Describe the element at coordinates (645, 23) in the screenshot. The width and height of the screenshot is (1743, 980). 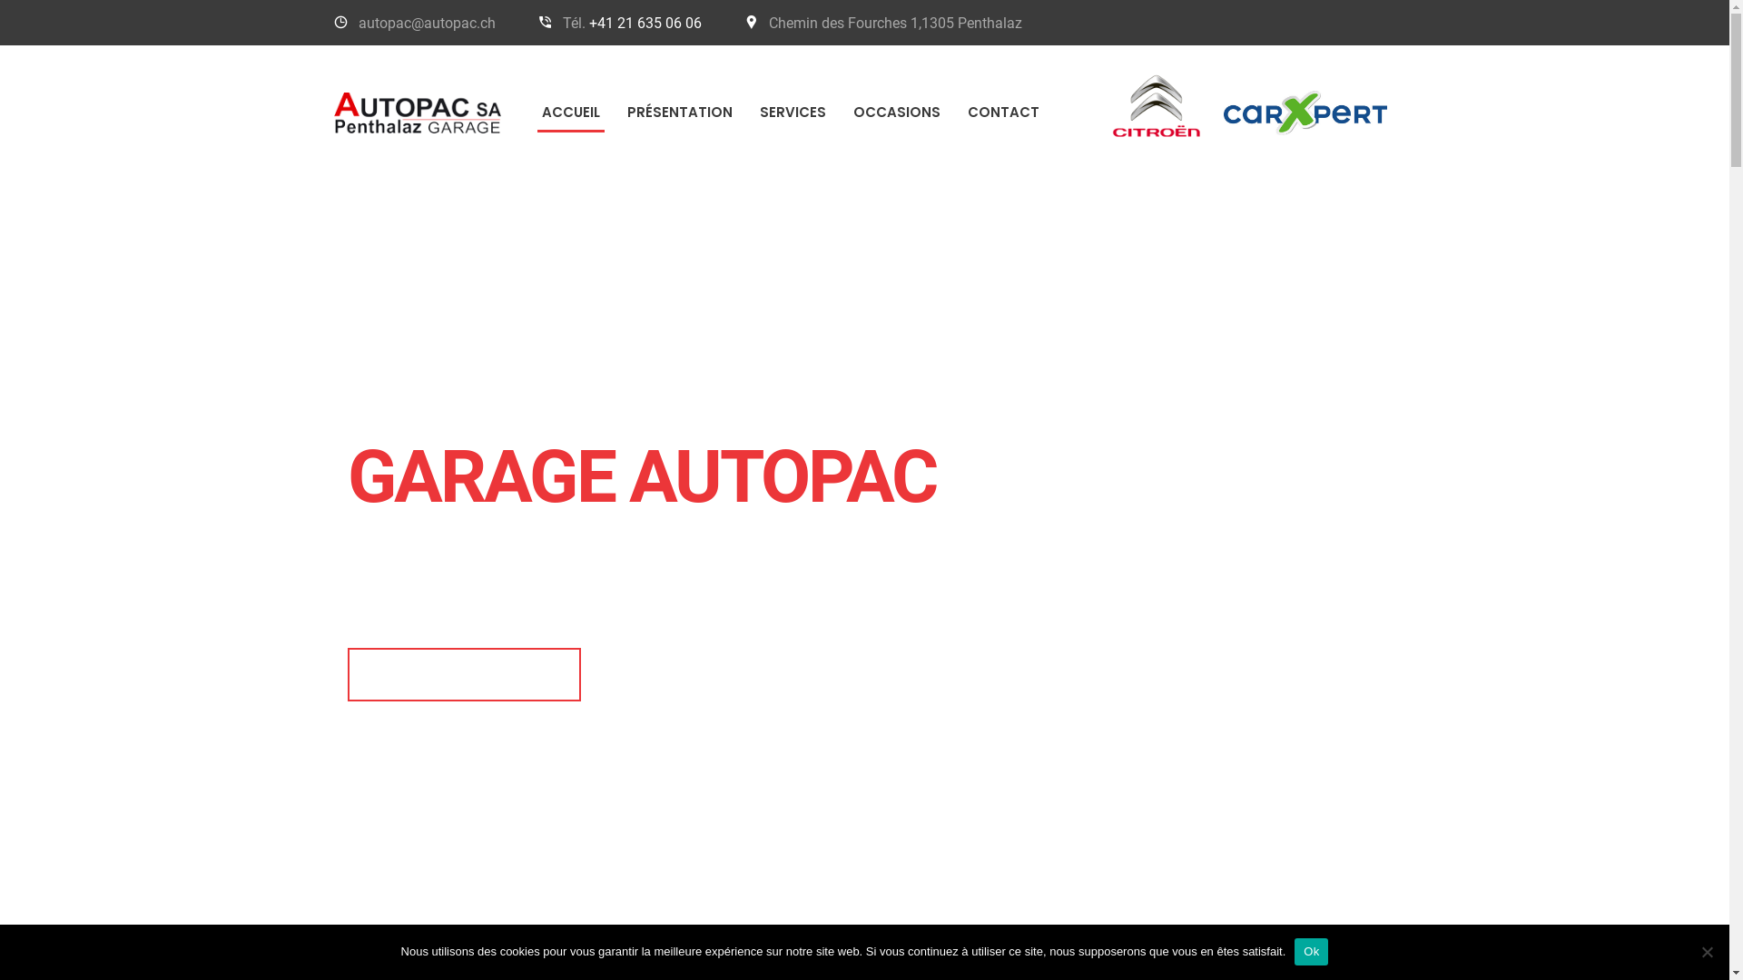
I see `'+41 21 635 06 06'` at that location.